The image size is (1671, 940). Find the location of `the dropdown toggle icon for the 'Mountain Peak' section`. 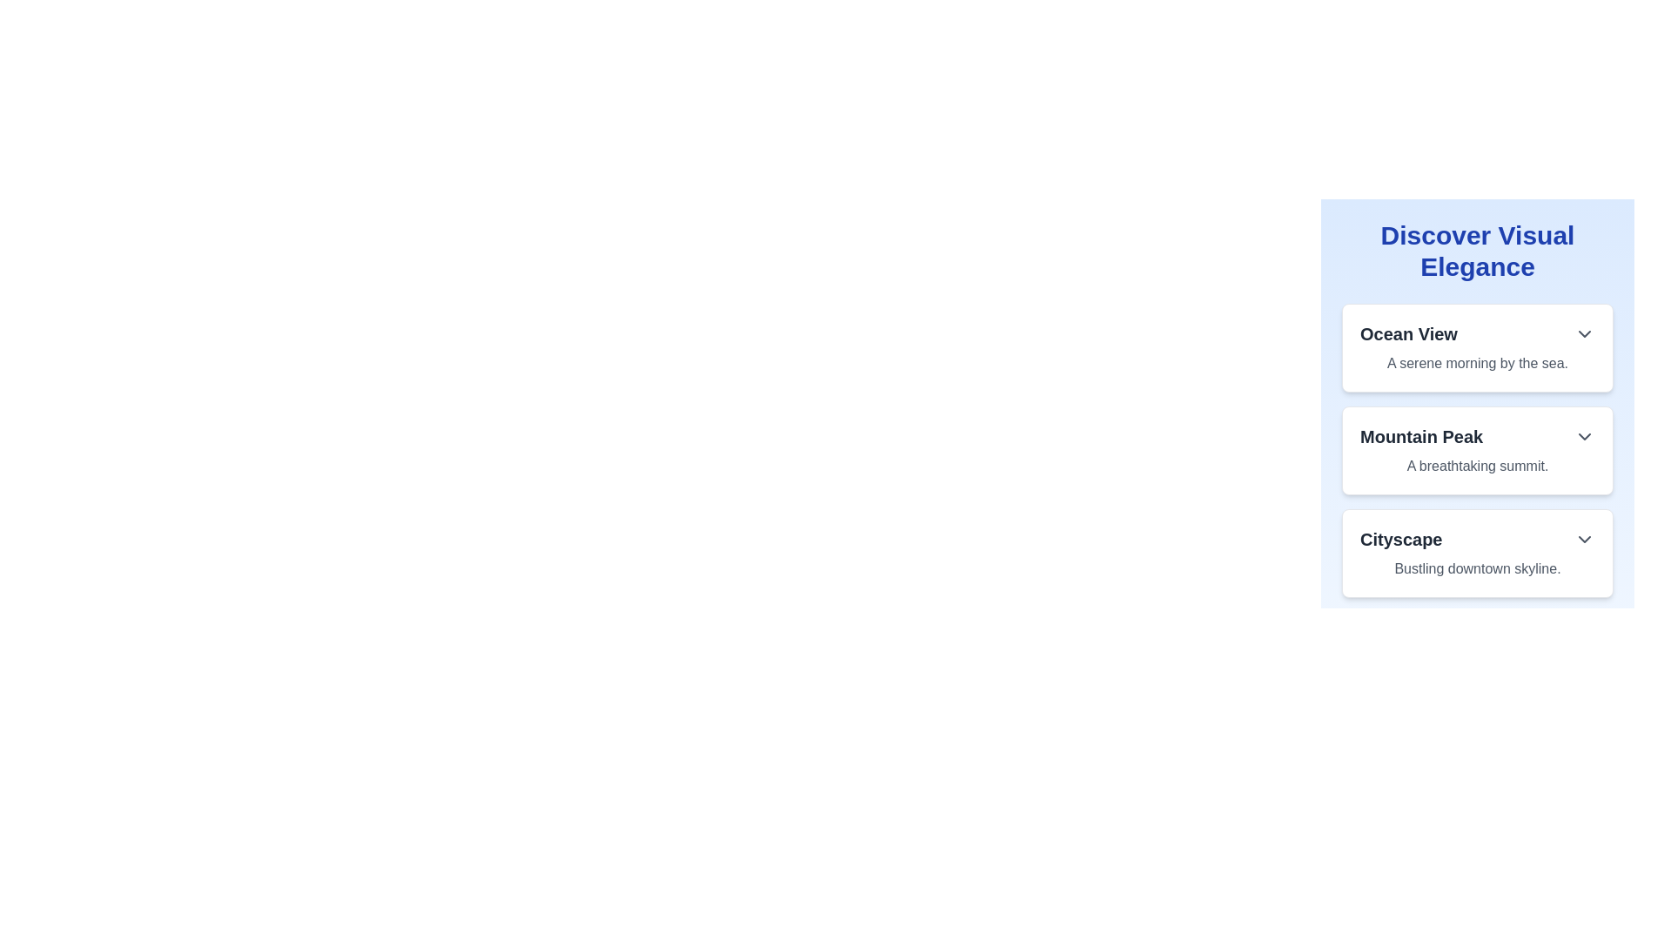

the dropdown toggle icon for the 'Mountain Peak' section is located at coordinates (1584, 435).